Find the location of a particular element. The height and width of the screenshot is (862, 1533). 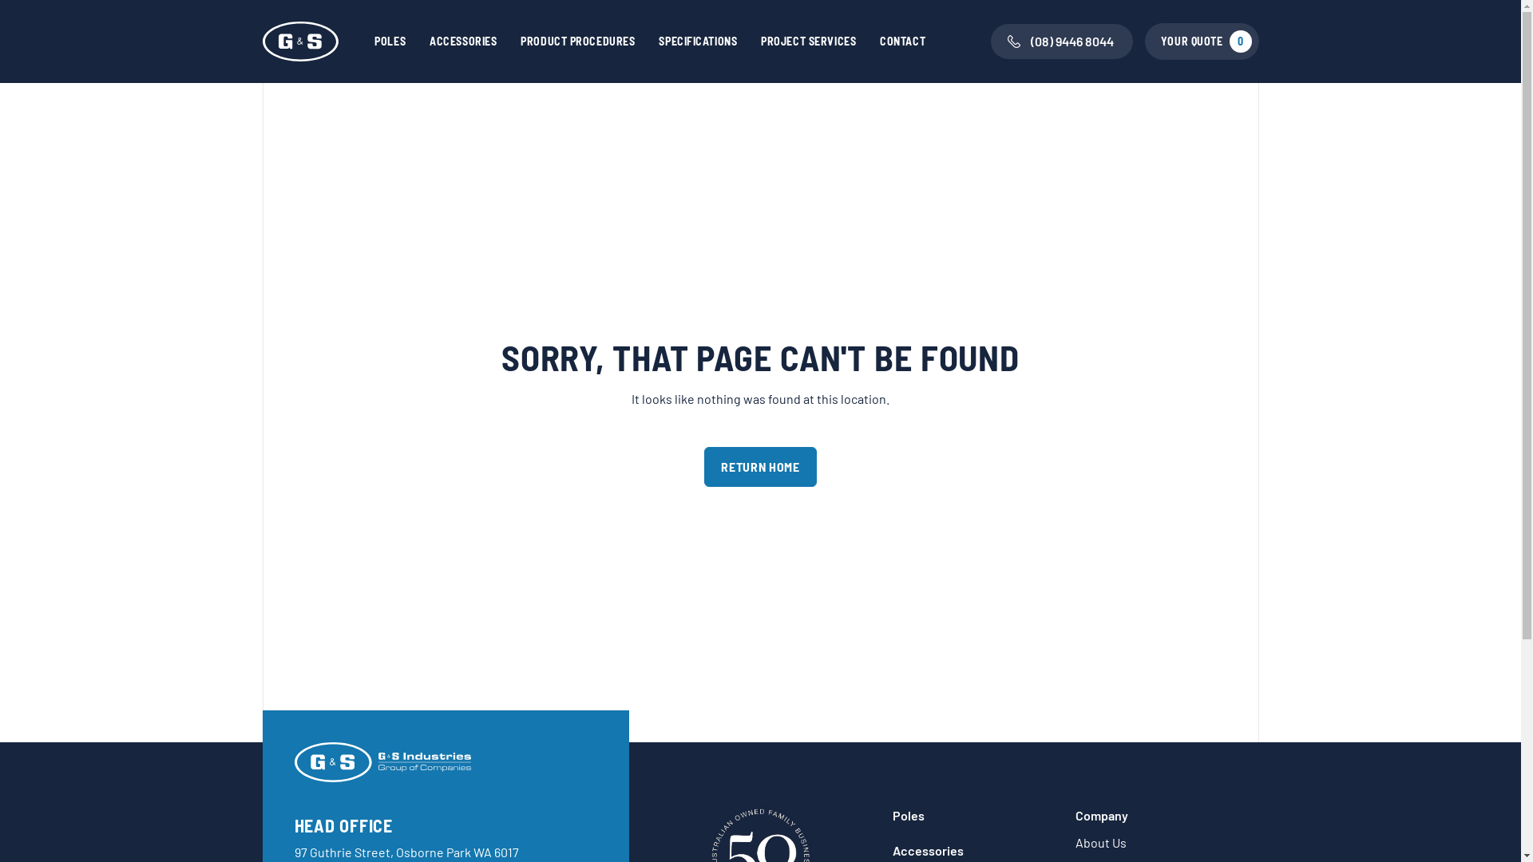

'PROJECT SERVICES' is located at coordinates (808, 40).